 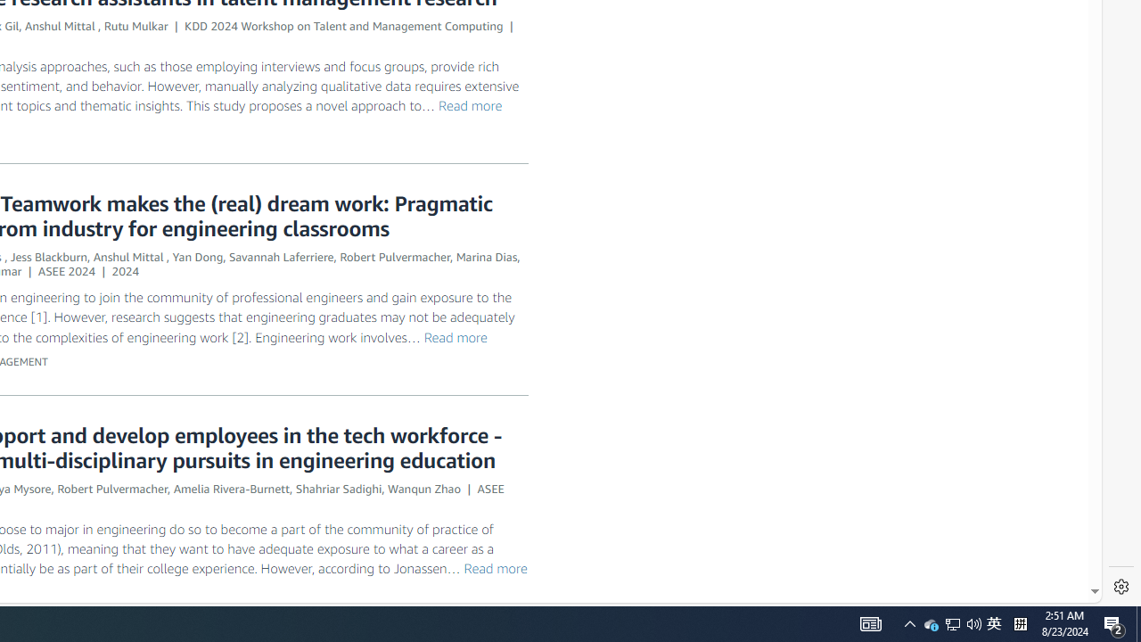 What do you see at coordinates (135, 26) in the screenshot?
I see `'Rutu Mulkar'` at bounding box center [135, 26].